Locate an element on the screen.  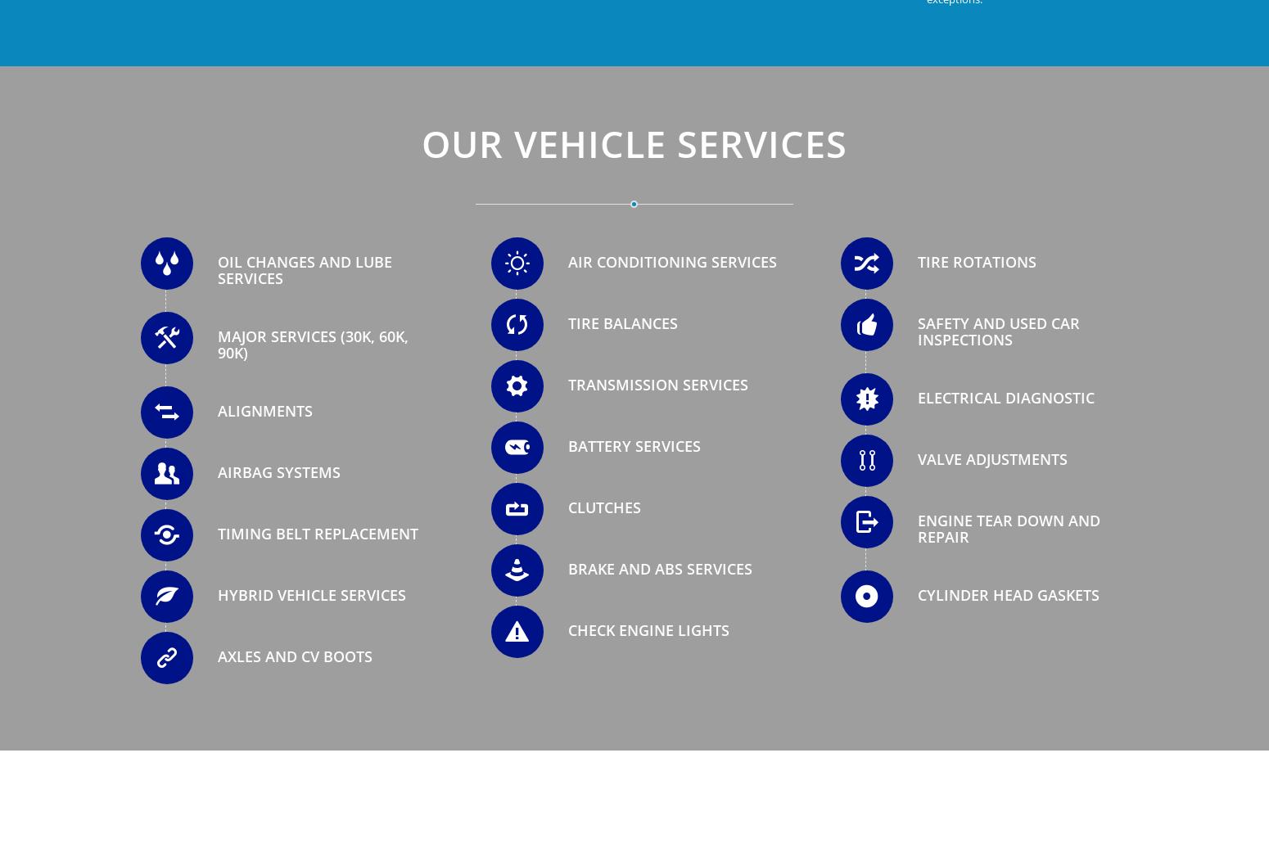
'Timing Belt Replacement' is located at coordinates (318, 532).